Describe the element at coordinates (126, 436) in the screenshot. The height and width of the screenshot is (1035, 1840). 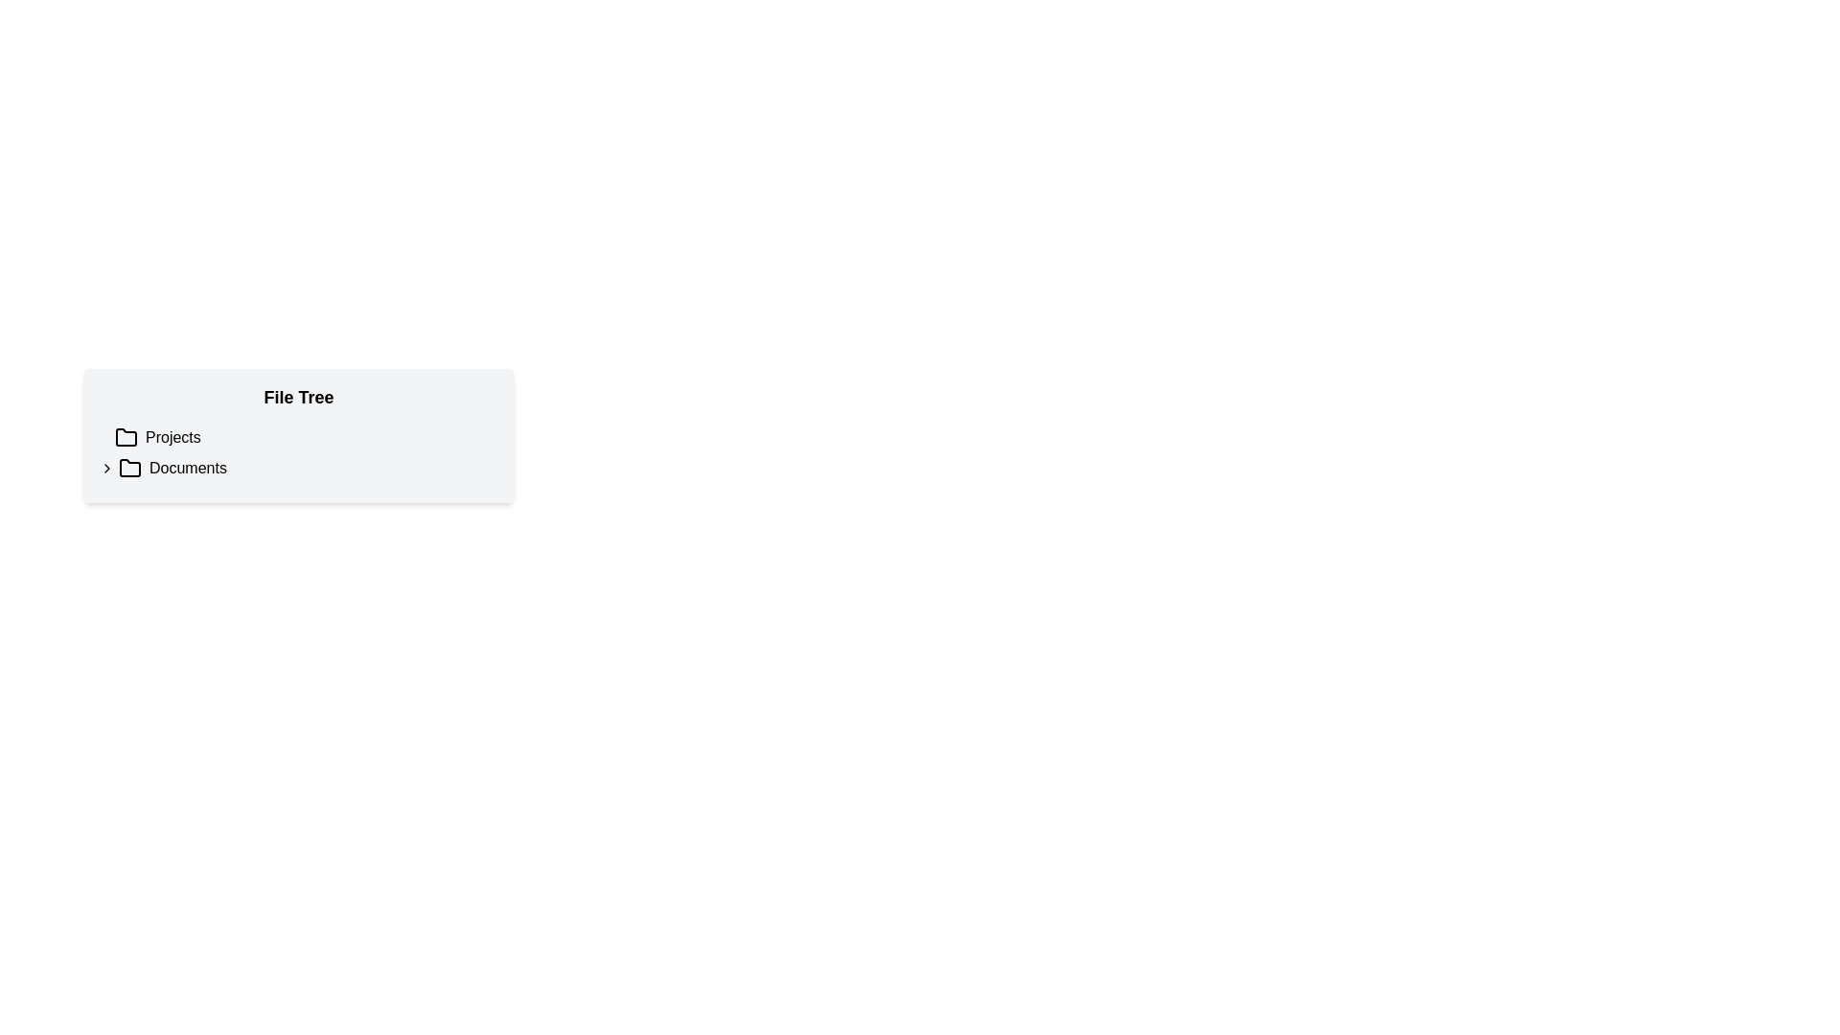
I see `the folder icon located to the left of the 'Projects' text label` at that location.